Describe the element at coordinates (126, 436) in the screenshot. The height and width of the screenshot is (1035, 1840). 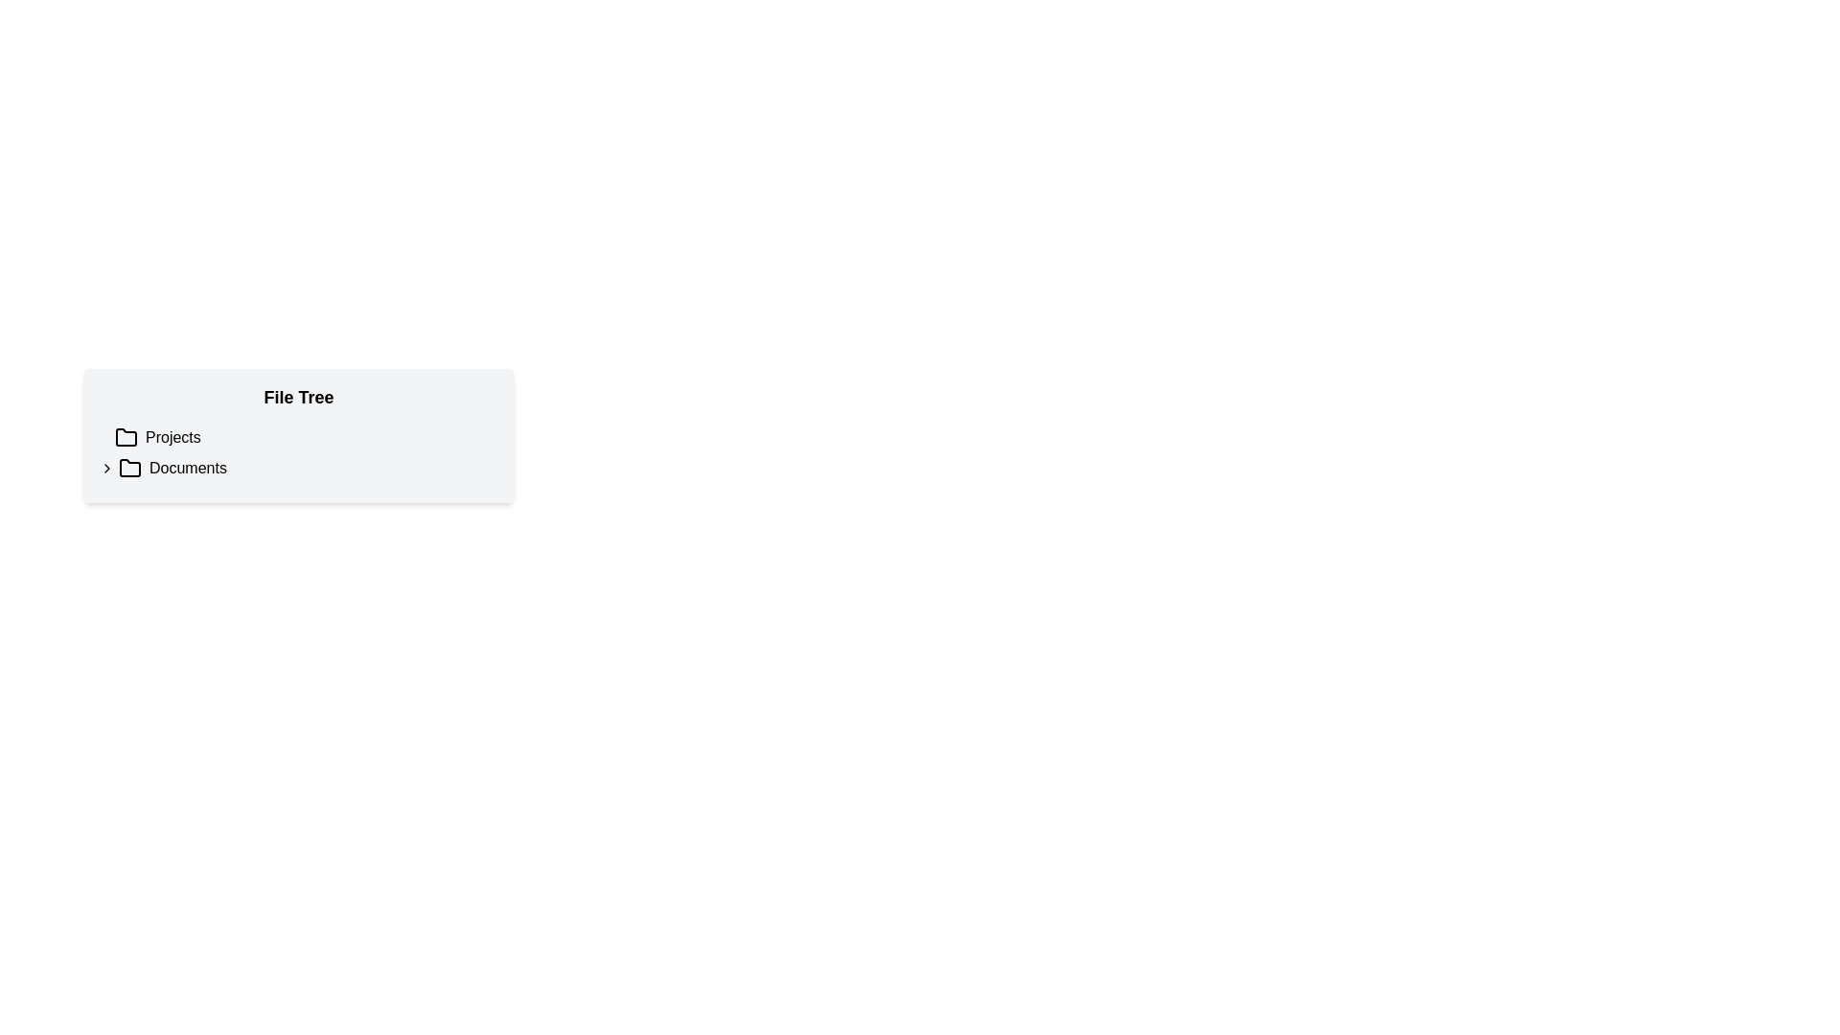
I see `the folder icon located to the left of the 'Projects' text label` at that location.